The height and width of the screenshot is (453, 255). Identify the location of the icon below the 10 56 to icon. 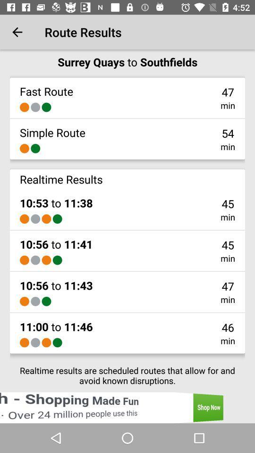
(24, 301).